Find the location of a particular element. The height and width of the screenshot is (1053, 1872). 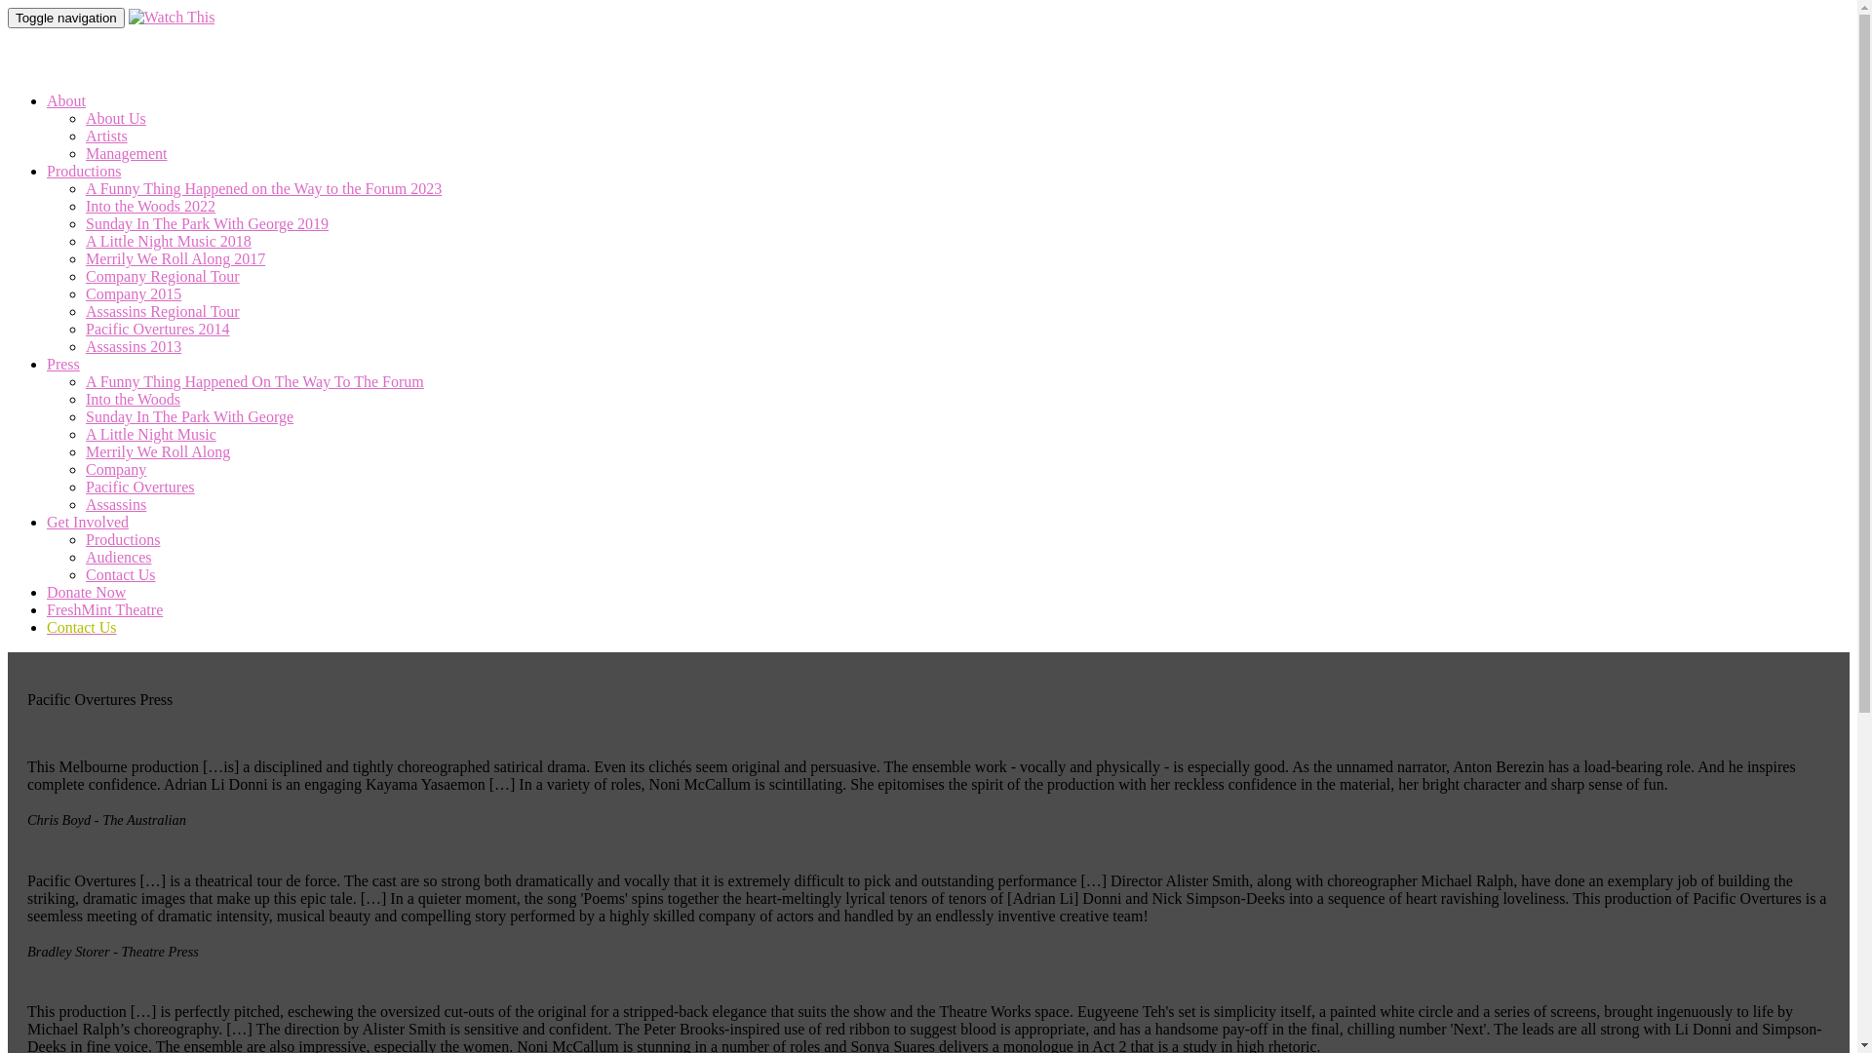

'Into the Woods' is located at coordinates (84, 398).